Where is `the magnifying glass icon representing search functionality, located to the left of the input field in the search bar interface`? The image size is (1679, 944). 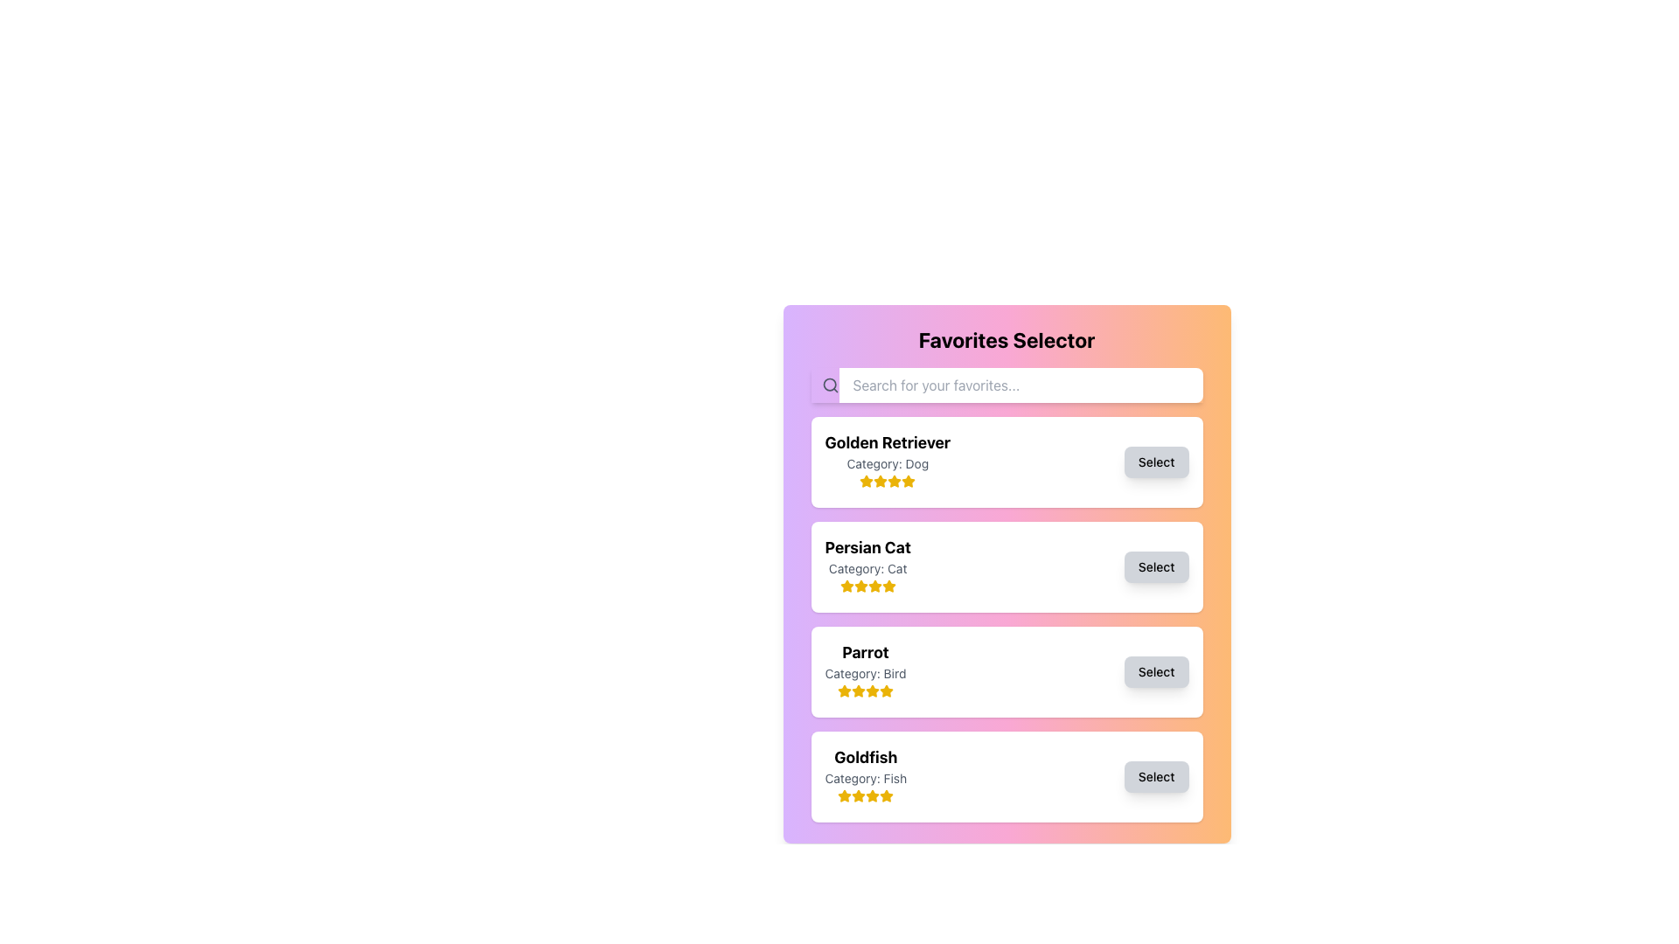 the magnifying glass icon representing search functionality, located to the left of the input field in the search bar interface is located at coordinates (829, 384).